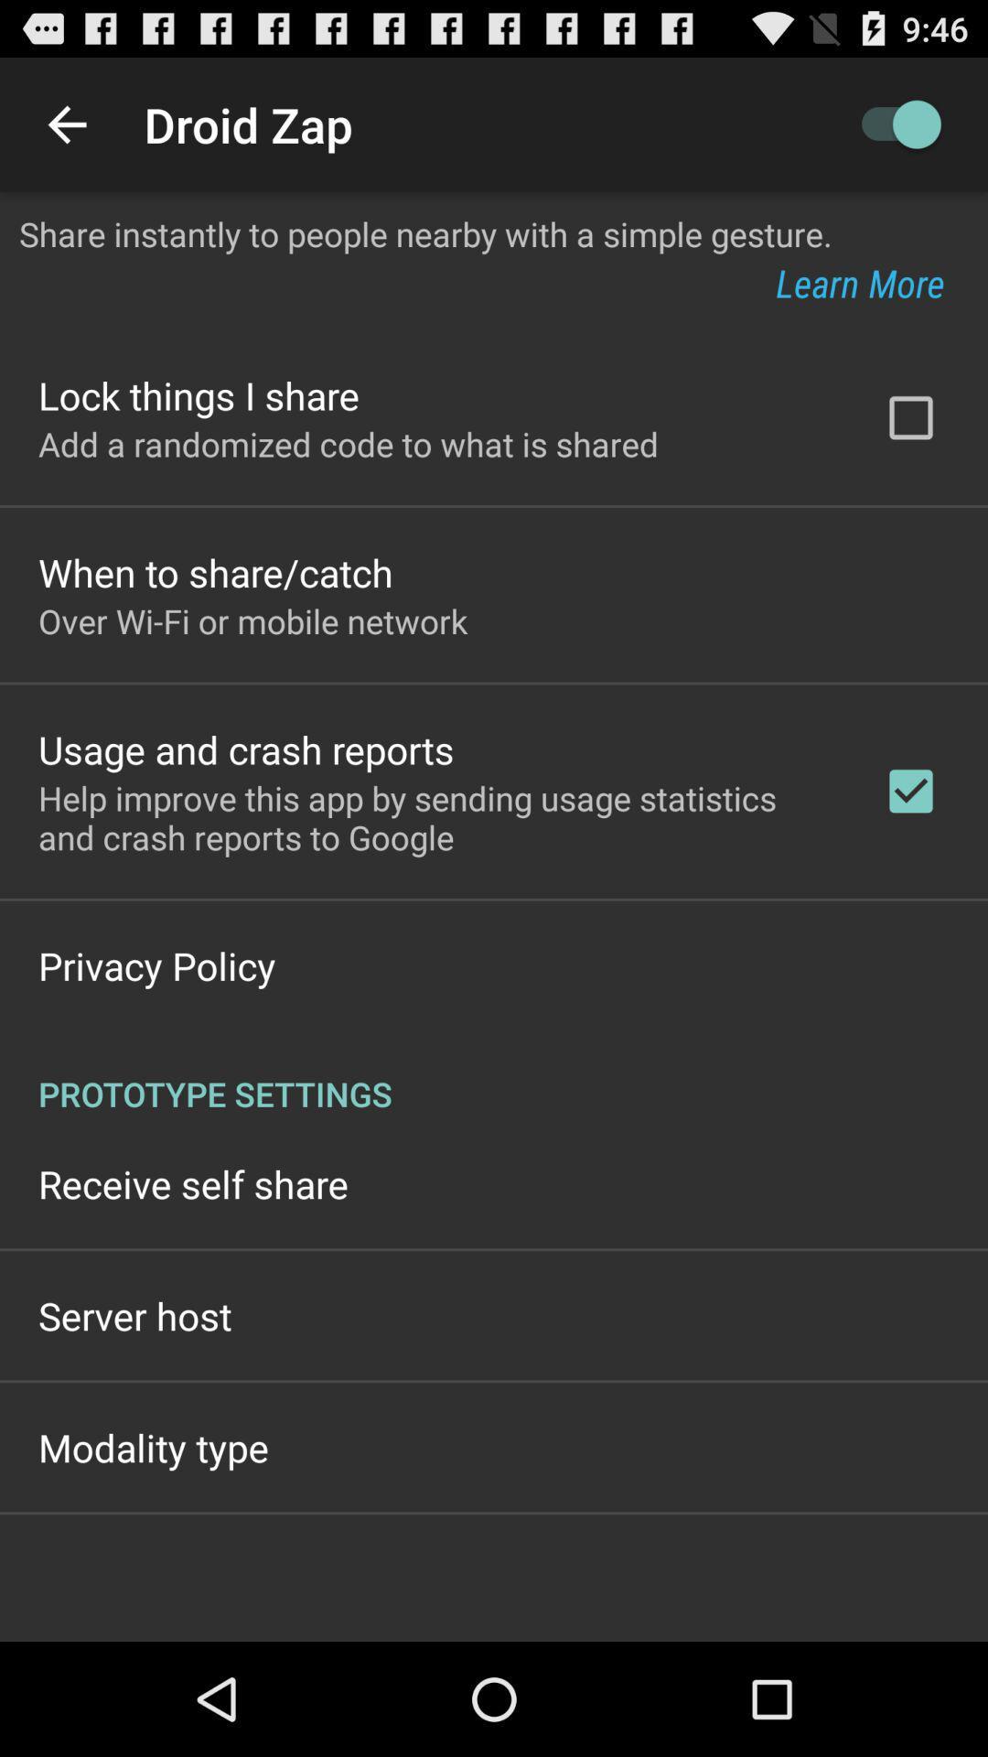 Image resolution: width=988 pixels, height=1757 pixels. What do you see at coordinates (891, 124) in the screenshot?
I see `droid zap` at bounding box center [891, 124].